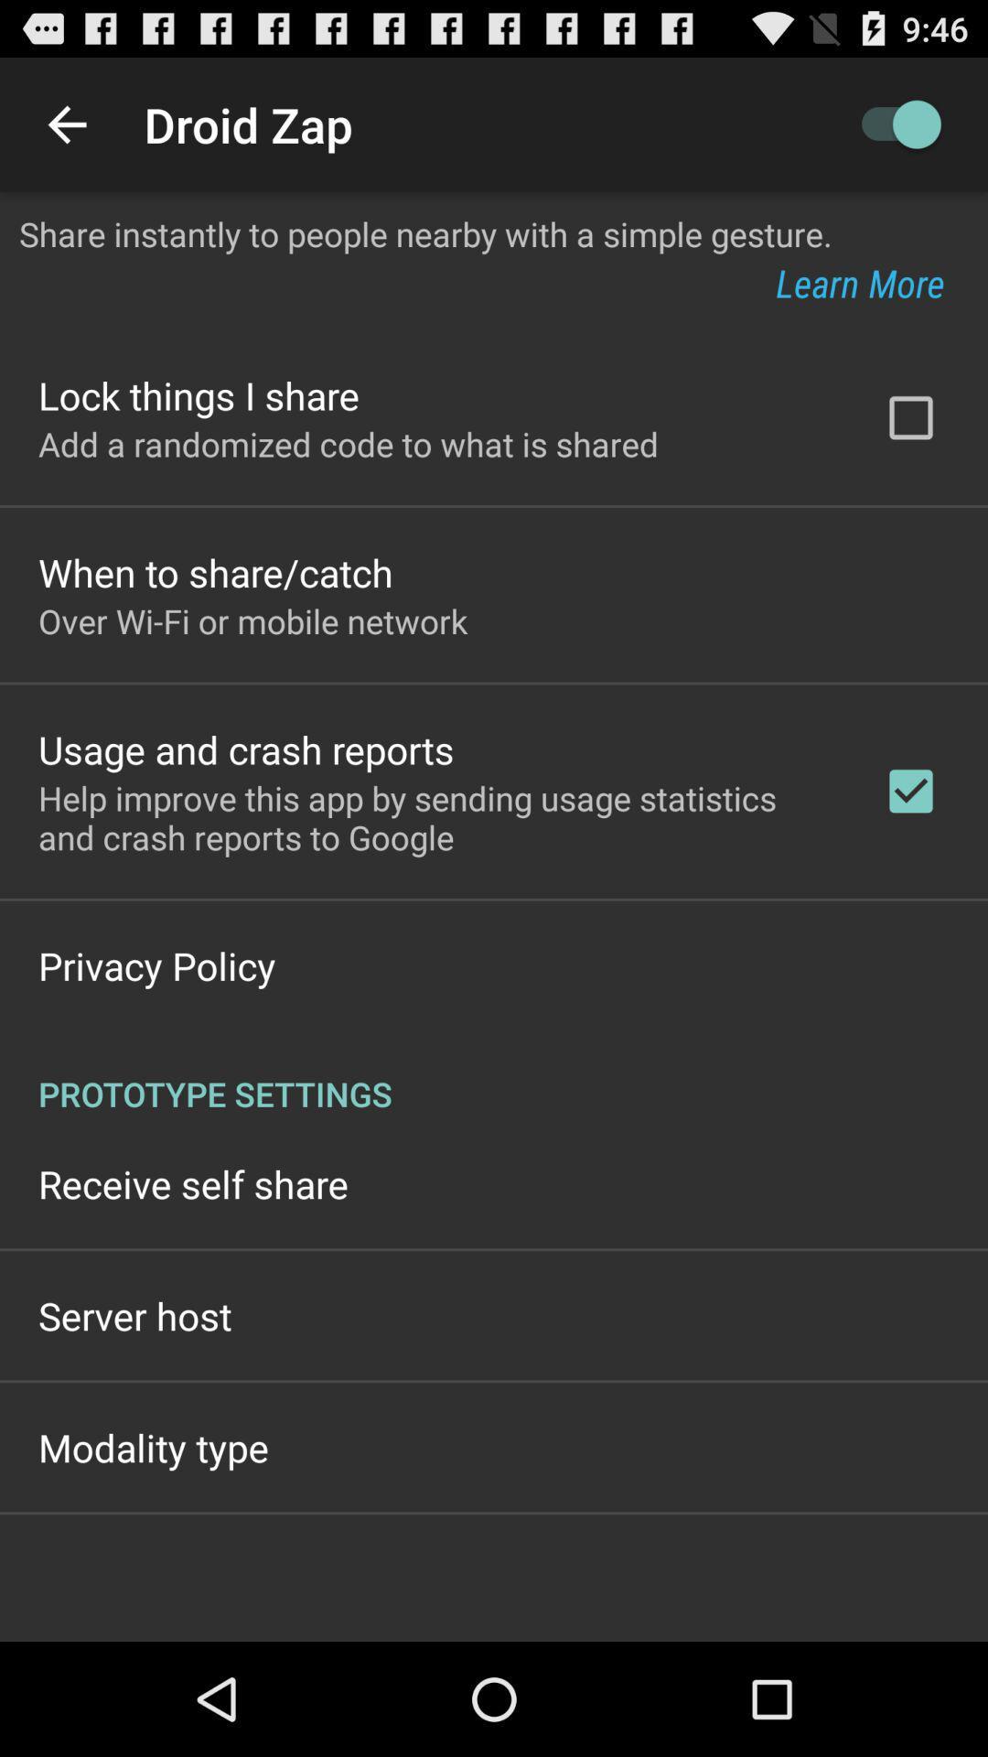 Image resolution: width=988 pixels, height=1757 pixels. What do you see at coordinates (891, 124) in the screenshot?
I see `droid zap` at bounding box center [891, 124].